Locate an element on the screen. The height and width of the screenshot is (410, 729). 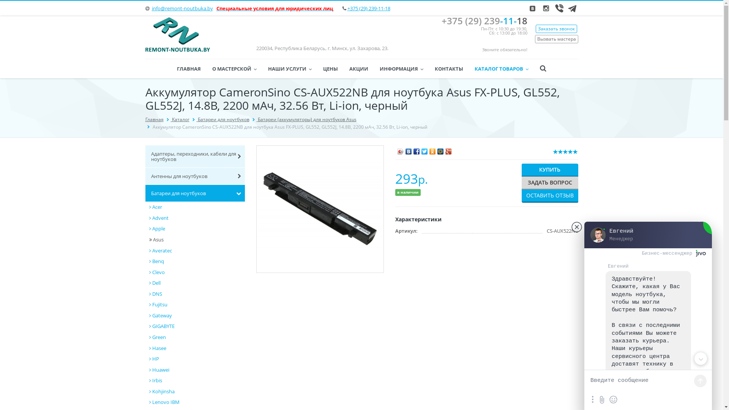
'Twitter' is located at coordinates (424, 149).